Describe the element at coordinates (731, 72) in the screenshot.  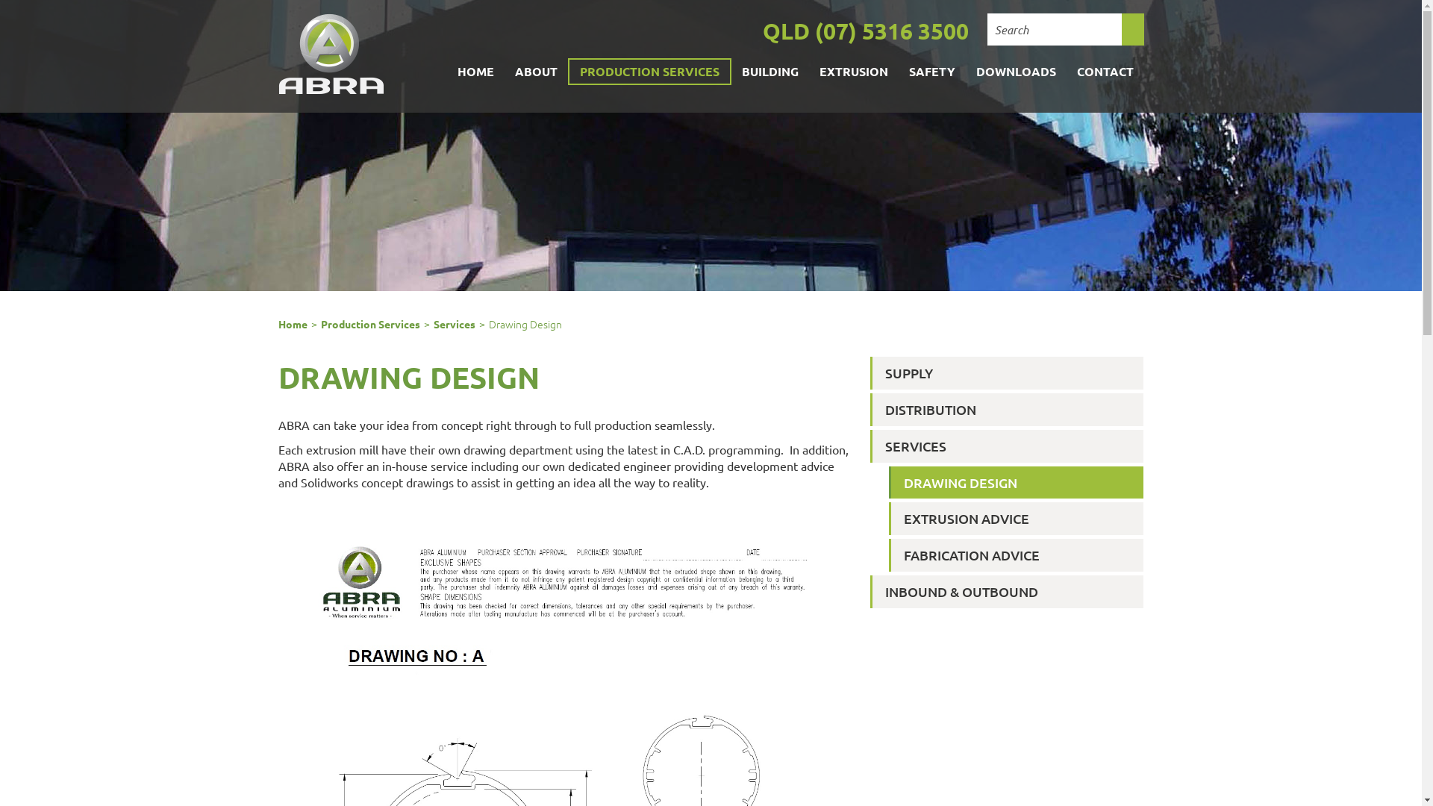
I see `'BUILDING'` at that location.